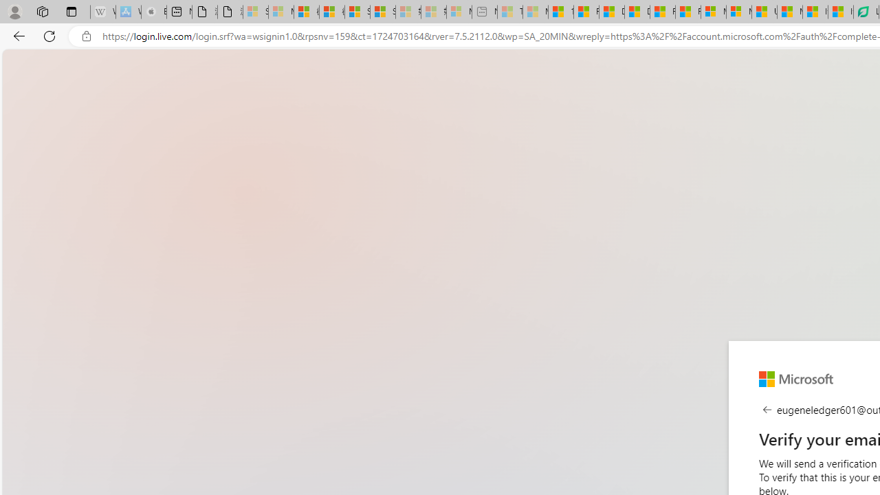 The height and width of the screenshot is (495, 880). What do you see at coordinates (256, 12) in the screenshot?
I see `'Sign in to your Microsoft account - Sleeping'` at bounding box center [256, 12].